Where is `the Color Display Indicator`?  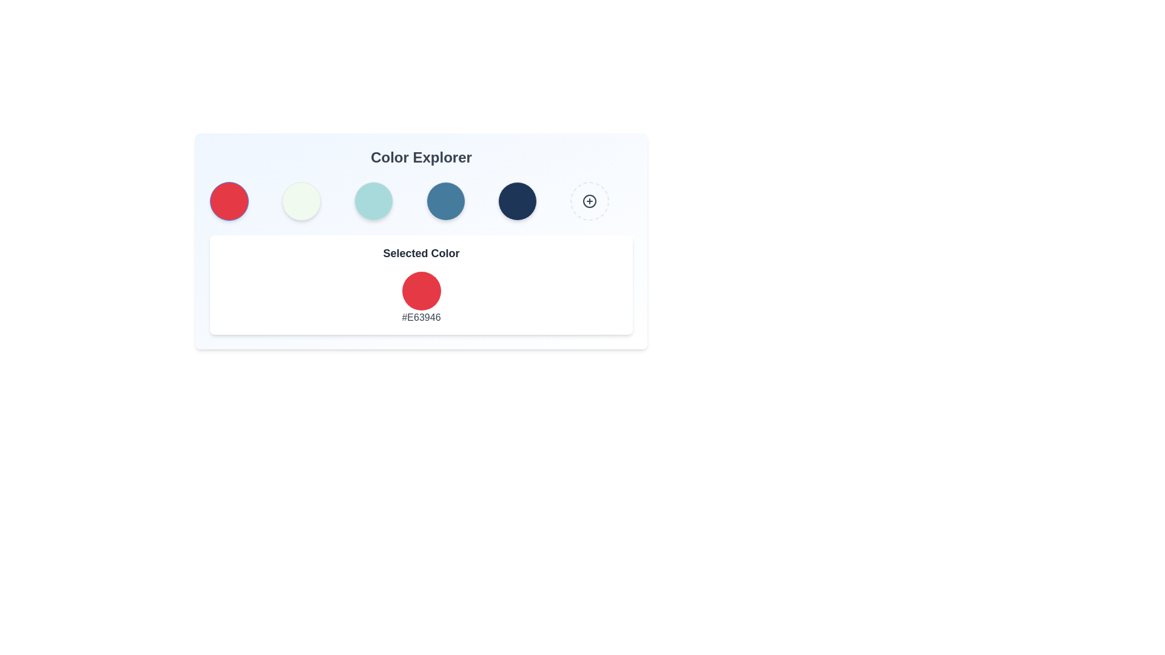 the Color Display Indicator is located at coordinates (421, 291).